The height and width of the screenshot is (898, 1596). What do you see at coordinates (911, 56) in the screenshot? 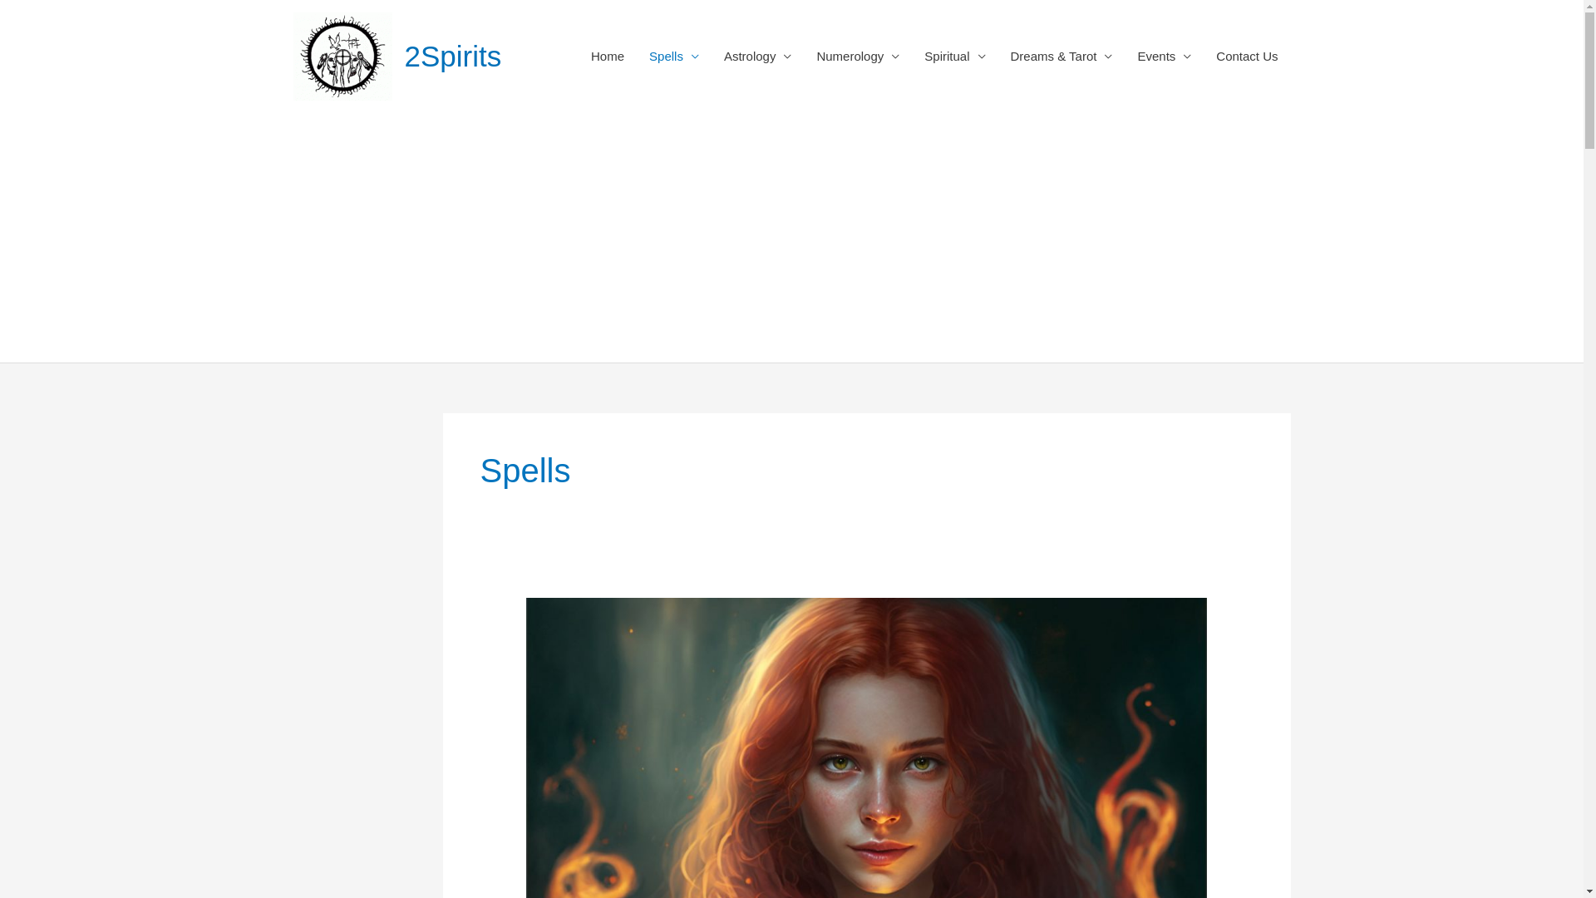
I see `'Spiritual'` at bounding box center [911, 56].